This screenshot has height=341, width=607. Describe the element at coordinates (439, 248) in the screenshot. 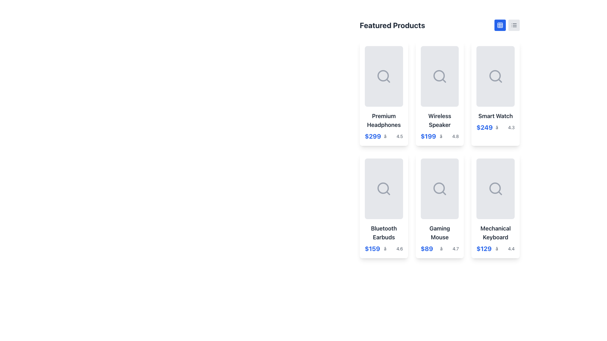

I see `text content of the price and rating label located below the 'Gaming Mouse' label in the 'Featured Products' section` at that location.